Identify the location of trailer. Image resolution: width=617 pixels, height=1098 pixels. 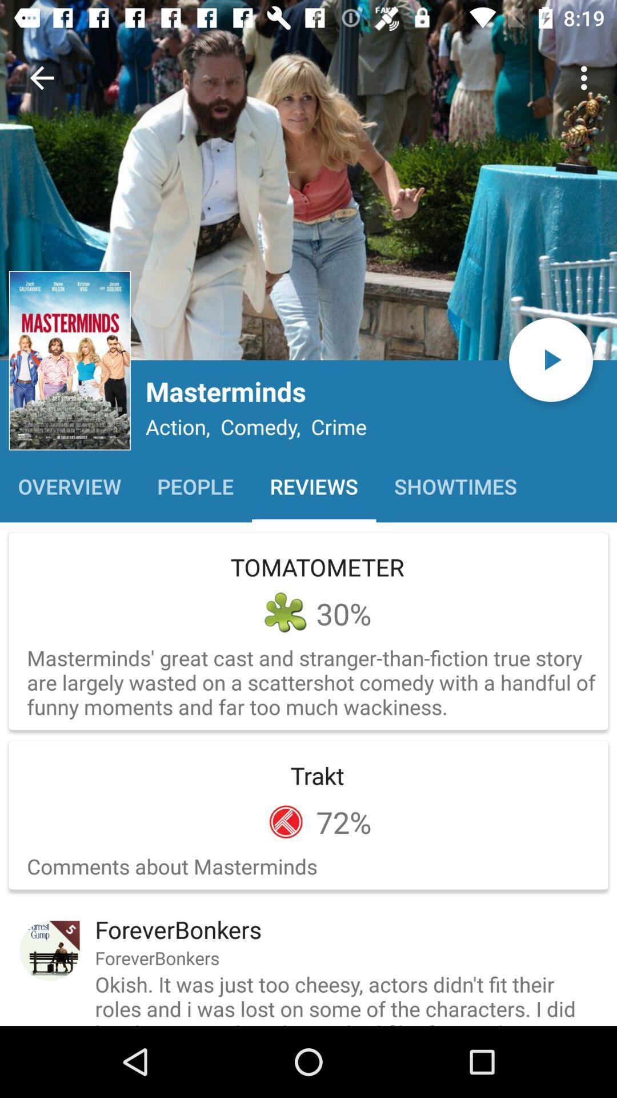
(550, 359).